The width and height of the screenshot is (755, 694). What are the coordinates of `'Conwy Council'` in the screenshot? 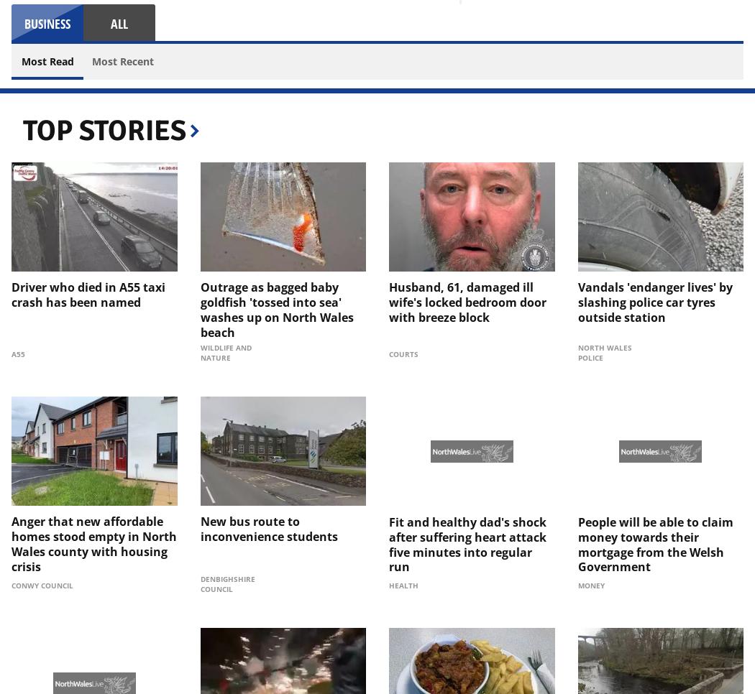 It's located at (11, 586).